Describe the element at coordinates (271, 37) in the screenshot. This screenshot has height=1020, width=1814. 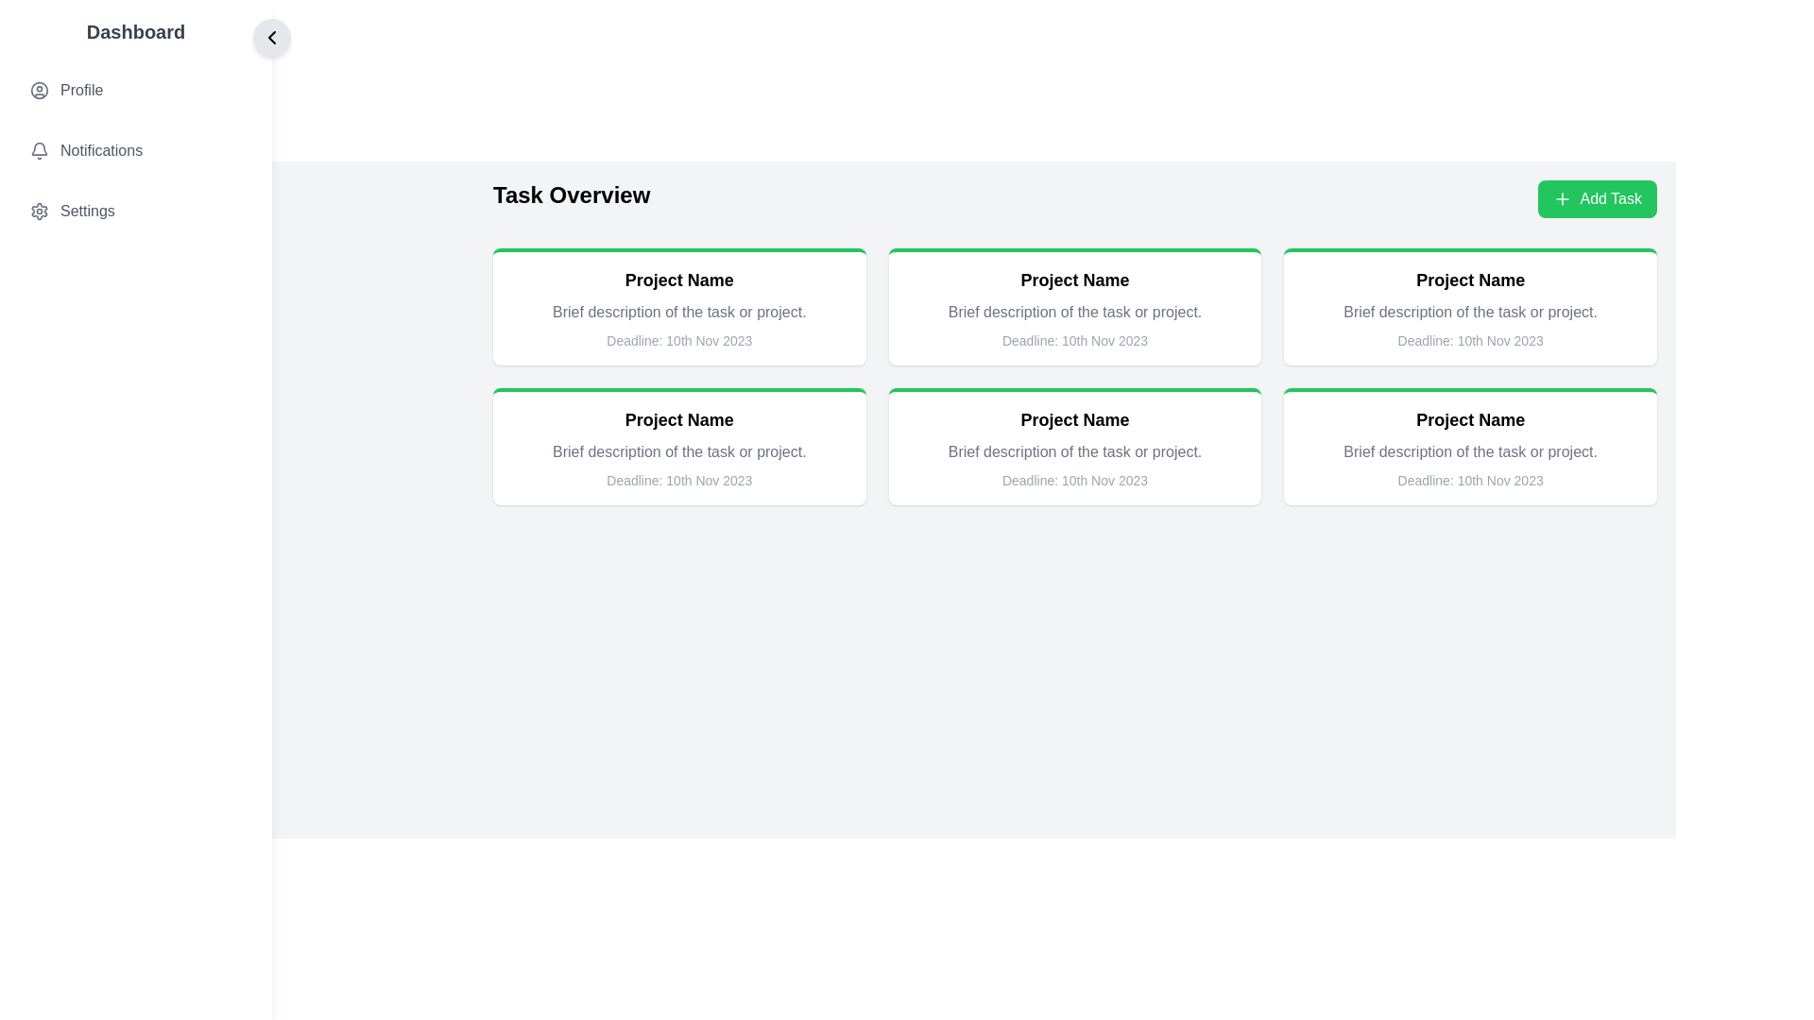
I see `the chevron icon in the left sidebar` at that location.